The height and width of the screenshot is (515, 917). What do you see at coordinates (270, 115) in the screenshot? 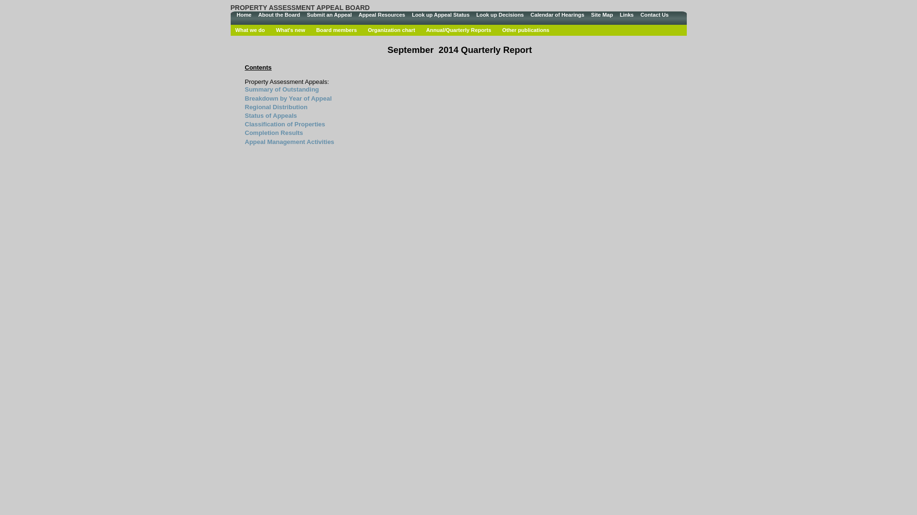
I see `'Status of Appeals'` at bounding box center [270, 115].